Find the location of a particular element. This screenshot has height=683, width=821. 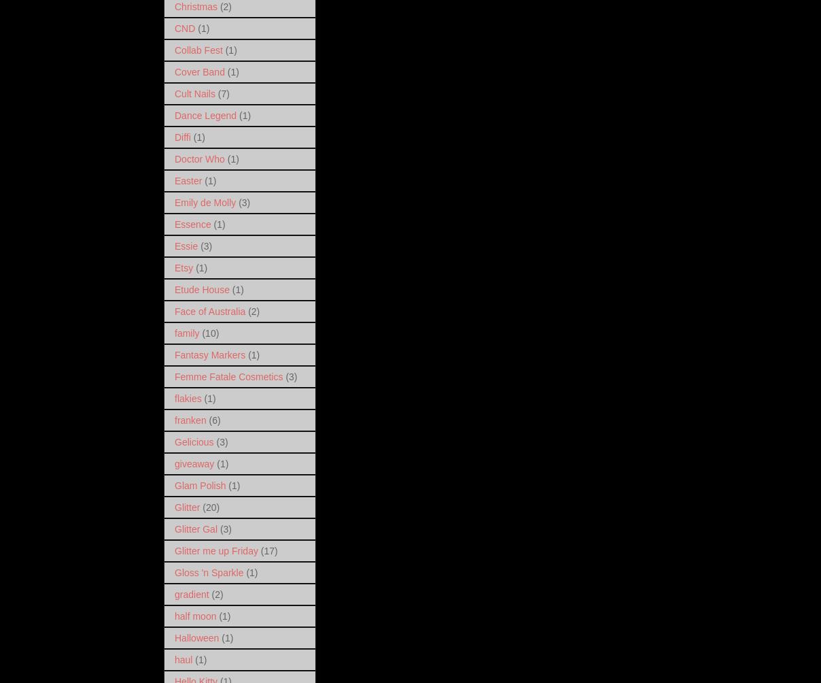

'Essence' is located at coordinates (192, 224).